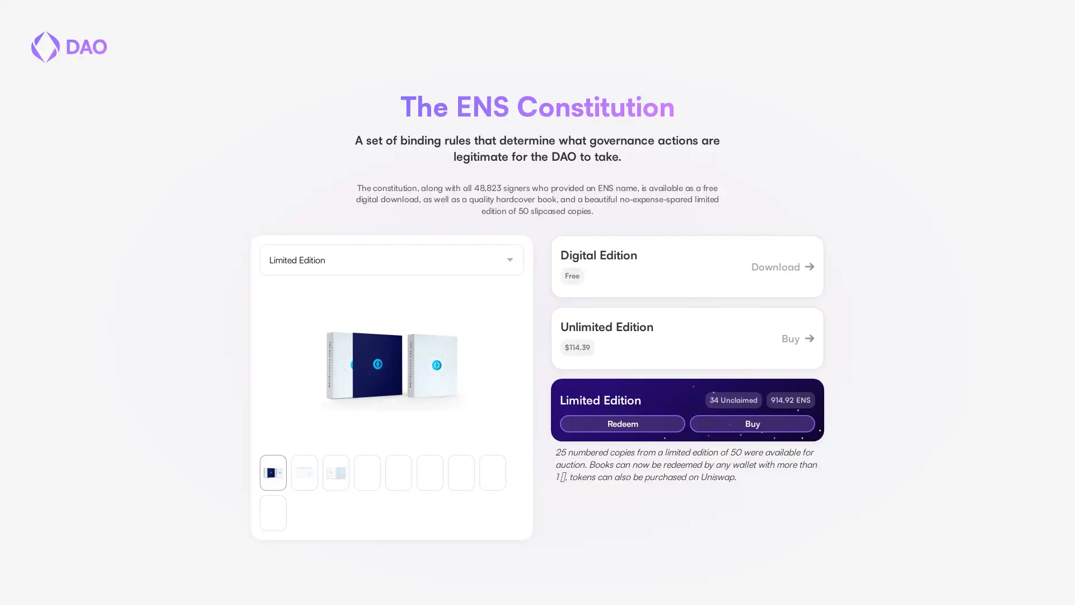 The height and width of the screenshot is (605, 1075). What do you see at coordinates (492, 472) in the screenshot?
I see `Limited edition page example 6` at bounding box center [492, 472].